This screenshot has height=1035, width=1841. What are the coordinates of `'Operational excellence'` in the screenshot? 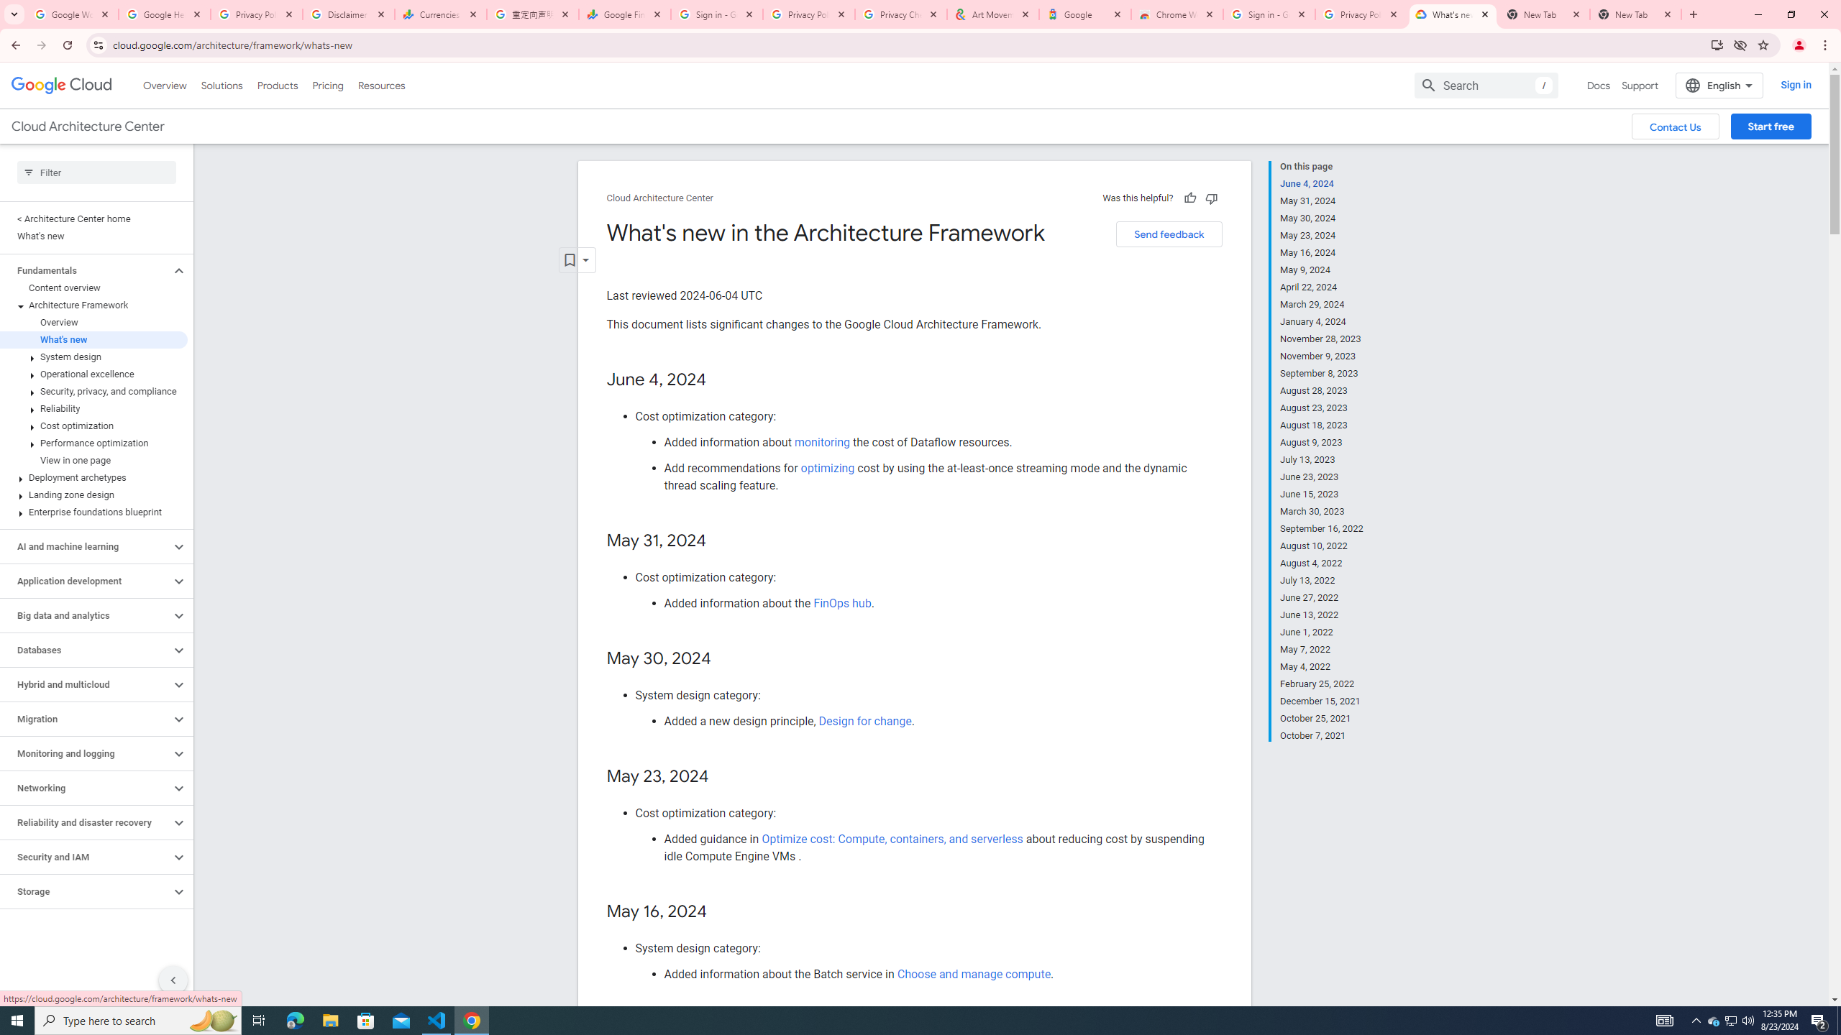 It's located at (93, 374).